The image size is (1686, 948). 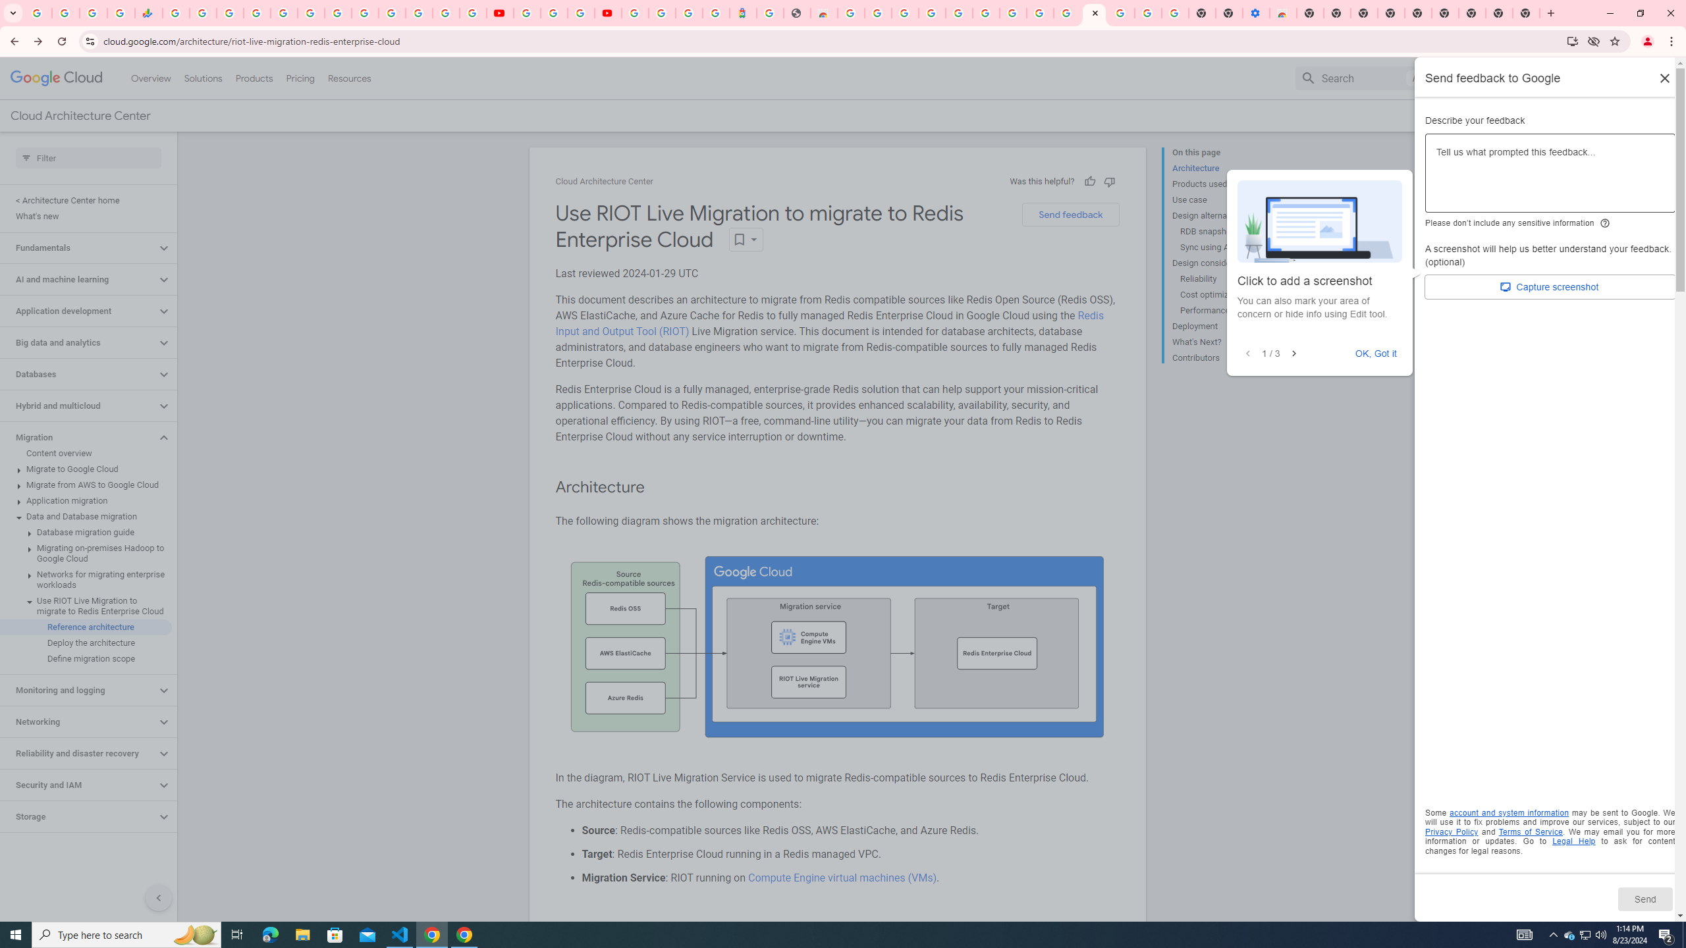 What do you see at coordinates (1247, 353) in the screenshot?
I see `'Previous'` at bounding box center [1247, 353].